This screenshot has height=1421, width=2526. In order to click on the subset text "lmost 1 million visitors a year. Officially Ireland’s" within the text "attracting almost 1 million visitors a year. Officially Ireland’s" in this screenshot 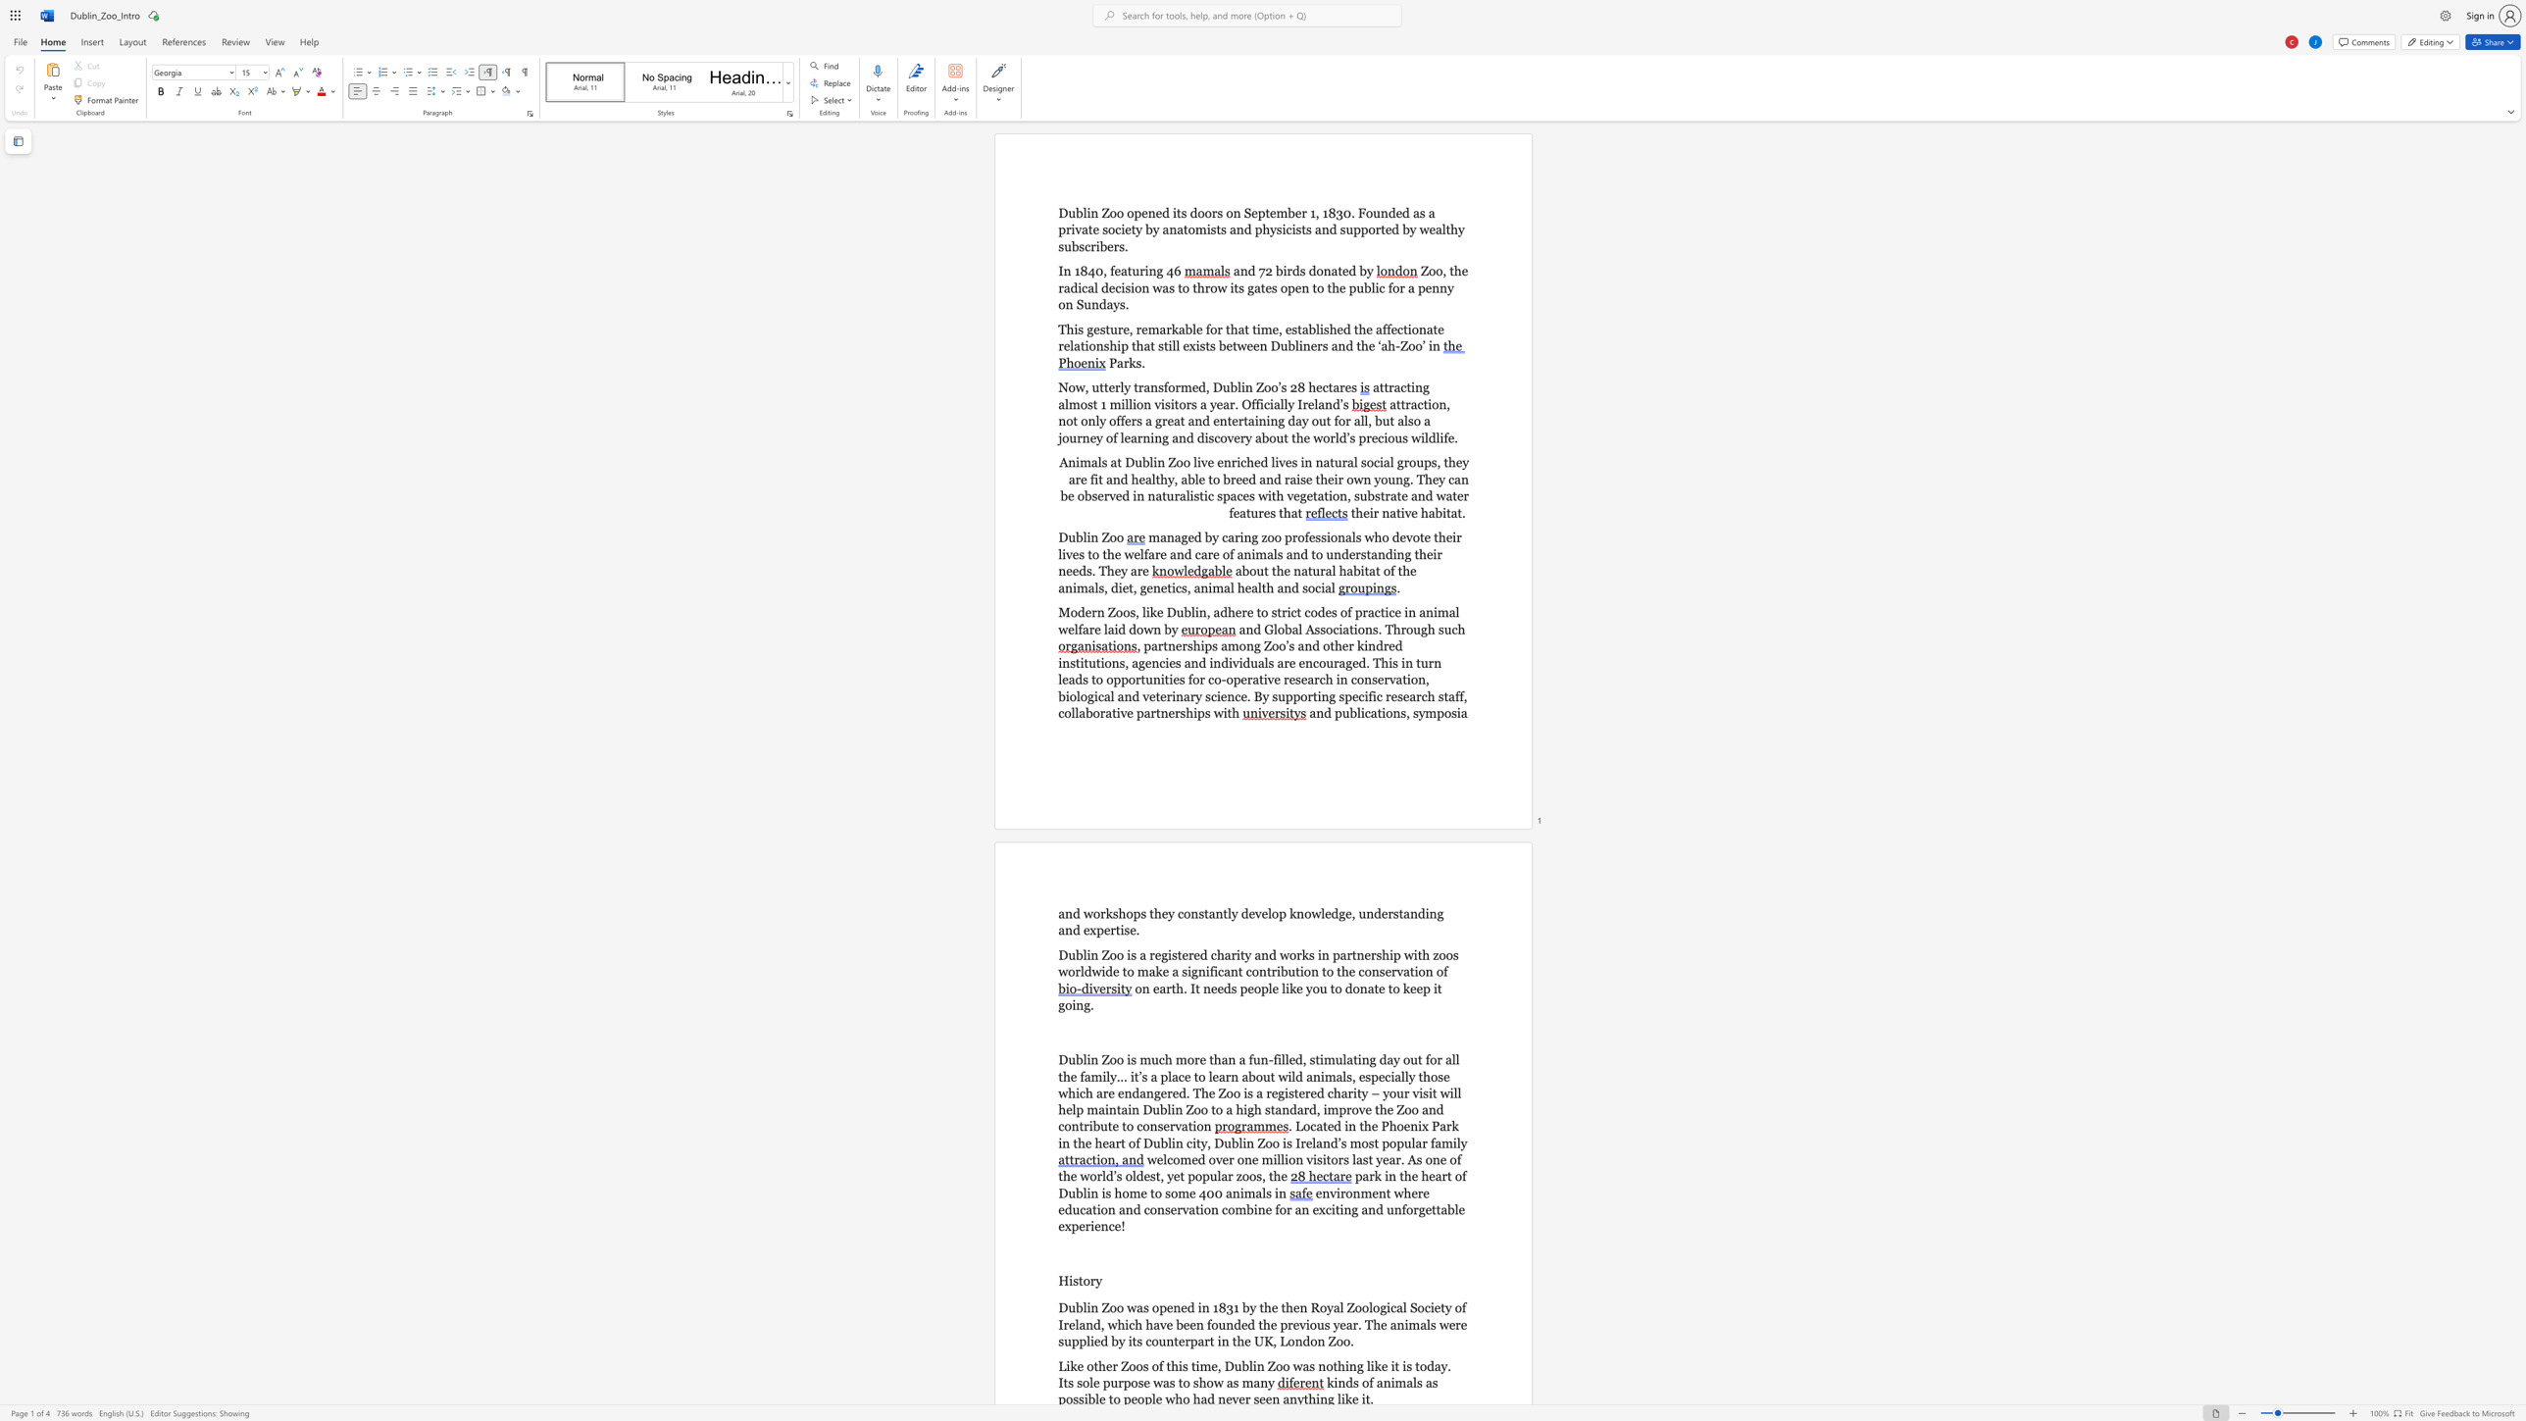, I will do `click(1064, 403)`.